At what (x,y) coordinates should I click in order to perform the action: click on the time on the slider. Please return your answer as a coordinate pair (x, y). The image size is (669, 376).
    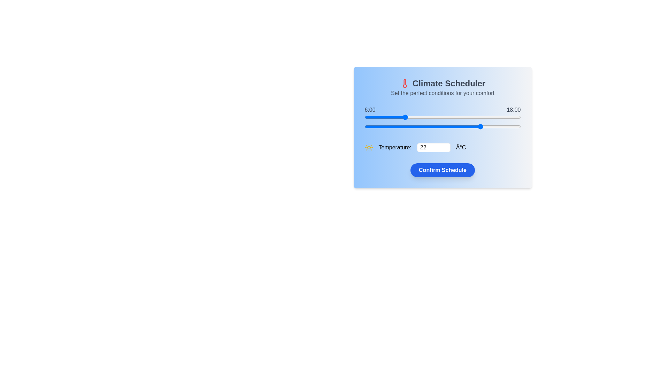
    Looking at the image, I should click on (488, 117).